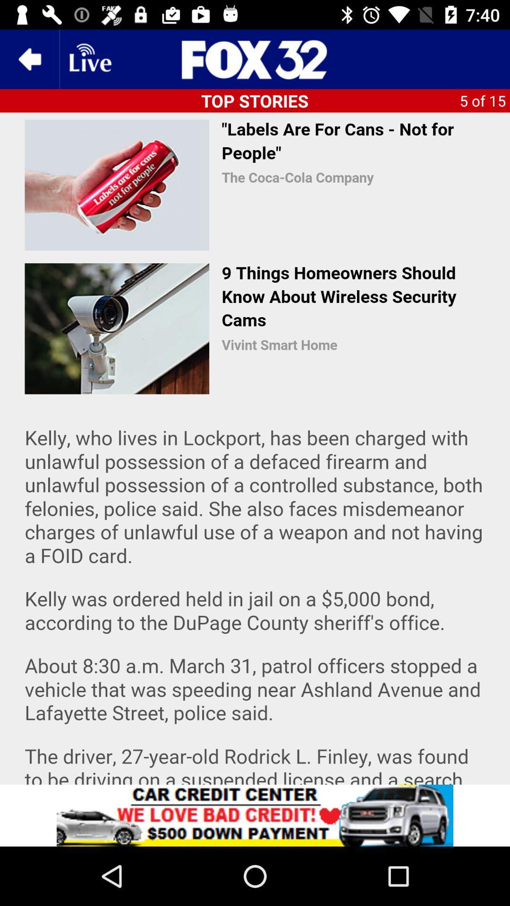 The image size is (510, 906). Describe the element at coordinates (255, 448) in the screenshot. I see `screenshot` at that location.